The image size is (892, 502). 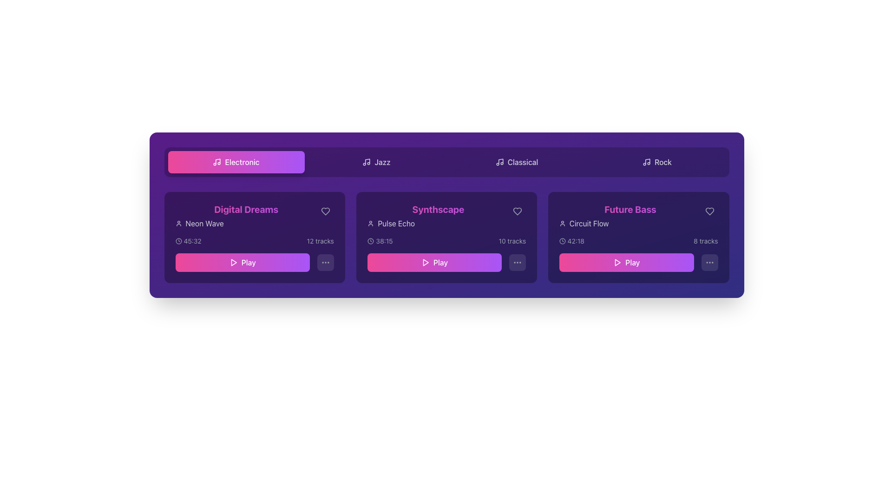 I want to click on the 'Rock' genre selection button containing the musical note icon, so click(x=647, y=161).